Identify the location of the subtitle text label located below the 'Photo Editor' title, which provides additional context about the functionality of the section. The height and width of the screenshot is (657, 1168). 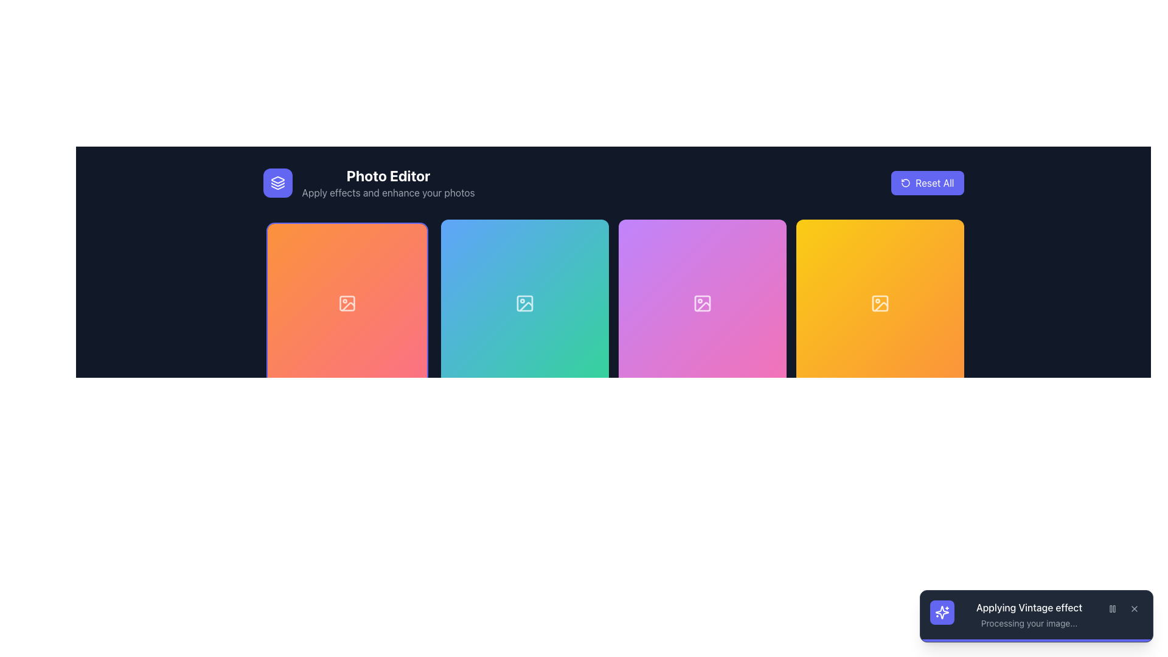
(388, 192).